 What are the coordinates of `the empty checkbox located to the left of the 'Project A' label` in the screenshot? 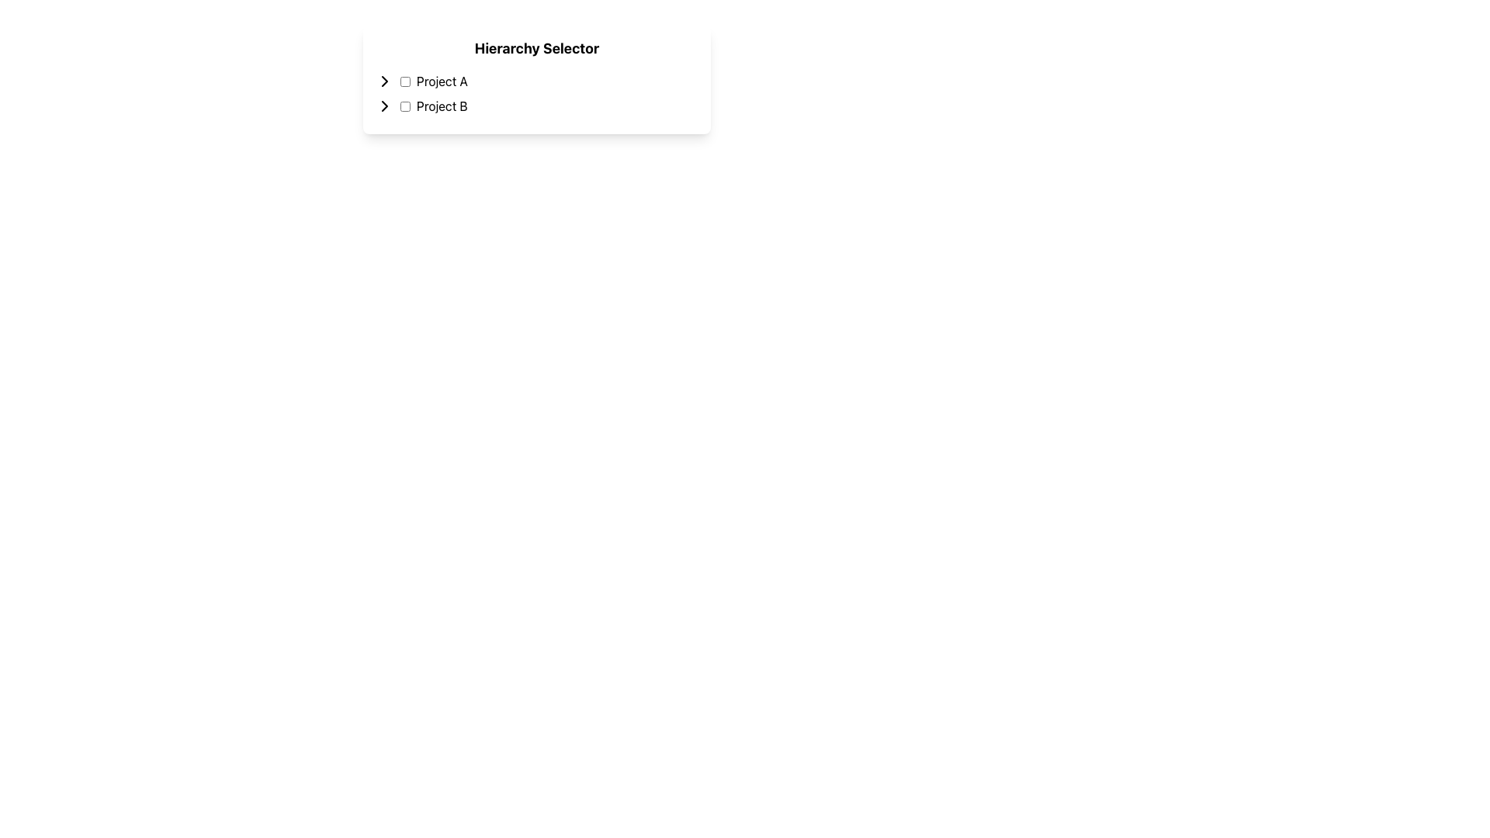 It's located at (405, 81).